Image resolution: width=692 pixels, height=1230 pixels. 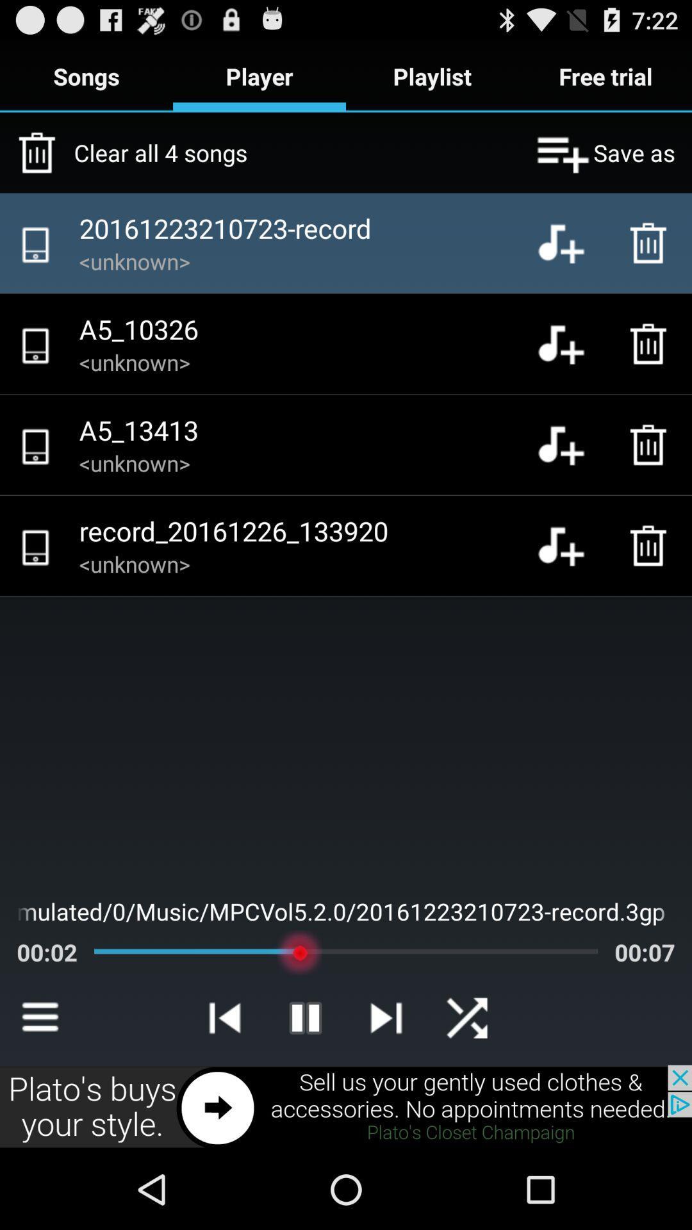 What do you see at coordinates (570, 445) in the screenshot?
I see `sound` at bounding box center [570, 445].